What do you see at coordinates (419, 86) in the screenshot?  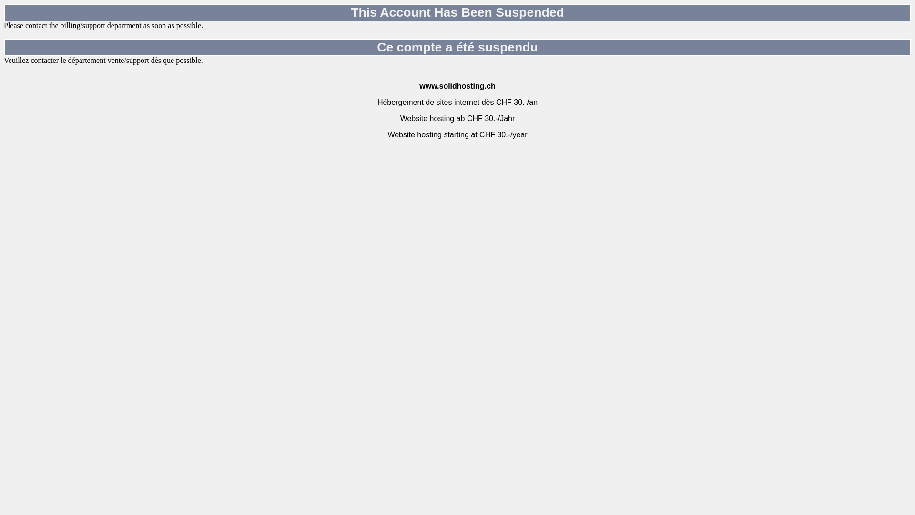 I see `'www.solidhosting.ch'` at bounding box center [419, 86].